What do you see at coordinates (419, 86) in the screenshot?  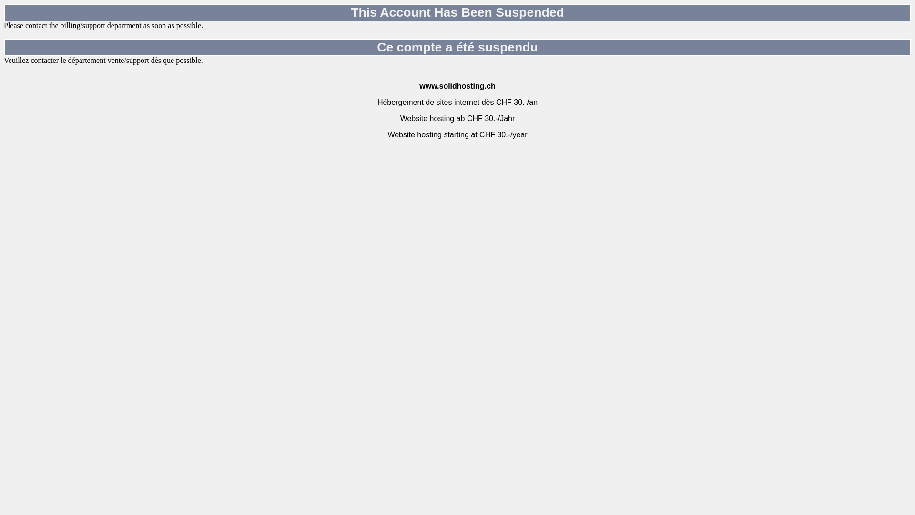 I see `'www.solidhosting.ch'` at bounding box center [419, 86].